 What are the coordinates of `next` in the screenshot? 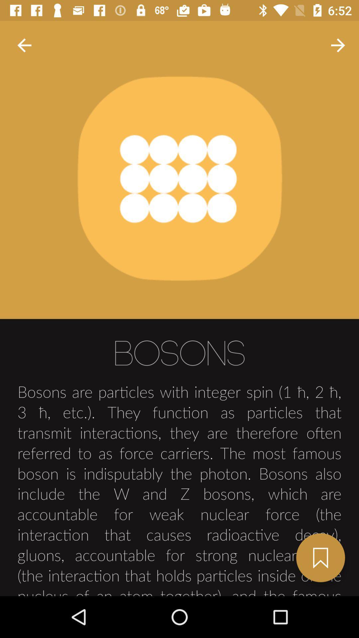 It's located at (320, 558).